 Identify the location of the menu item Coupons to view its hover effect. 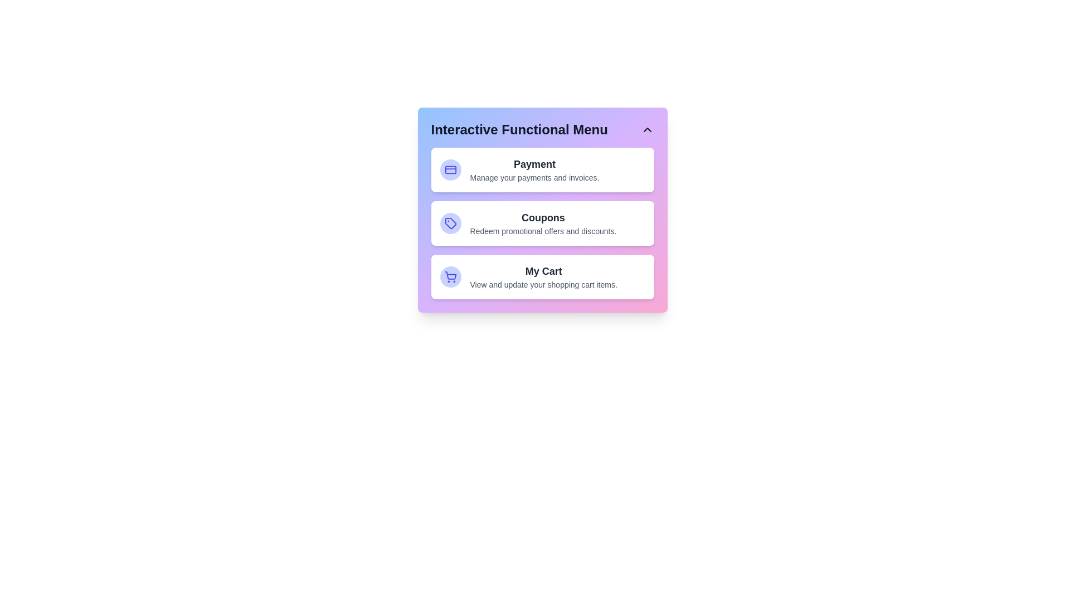
(542, 224).